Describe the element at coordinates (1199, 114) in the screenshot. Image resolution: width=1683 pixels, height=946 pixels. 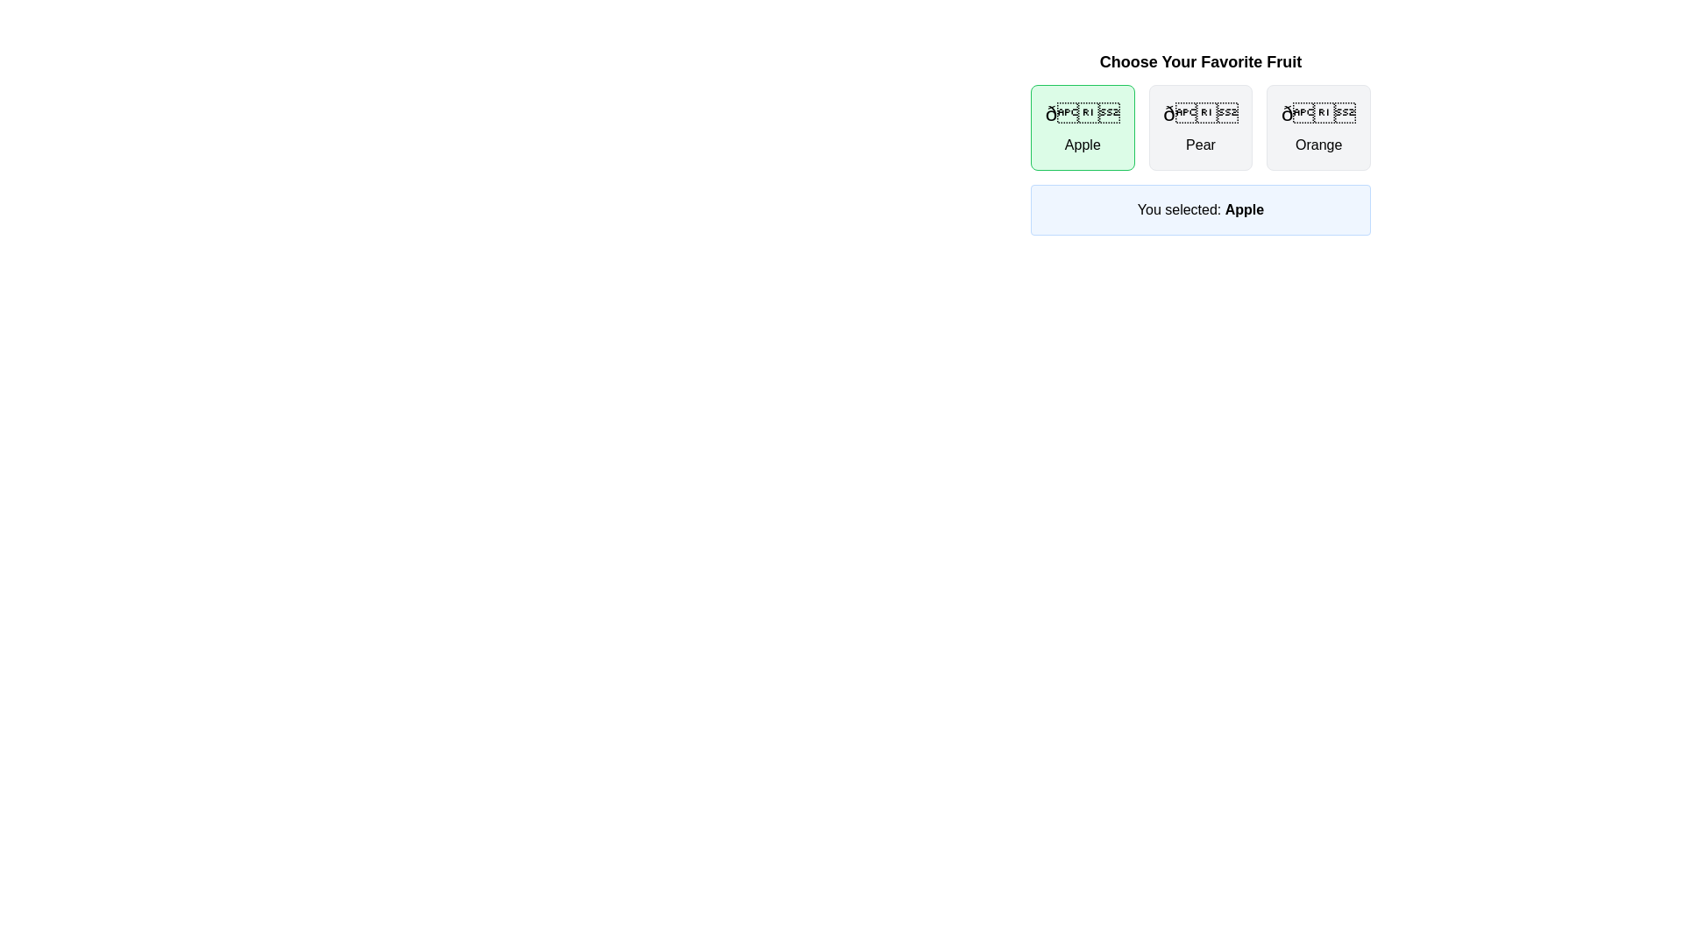
I see `the text element representing the visual identification of the 'Pear' selection card, which is centrally located in the second column of the card layout, above the text 'Pear'` at that location.